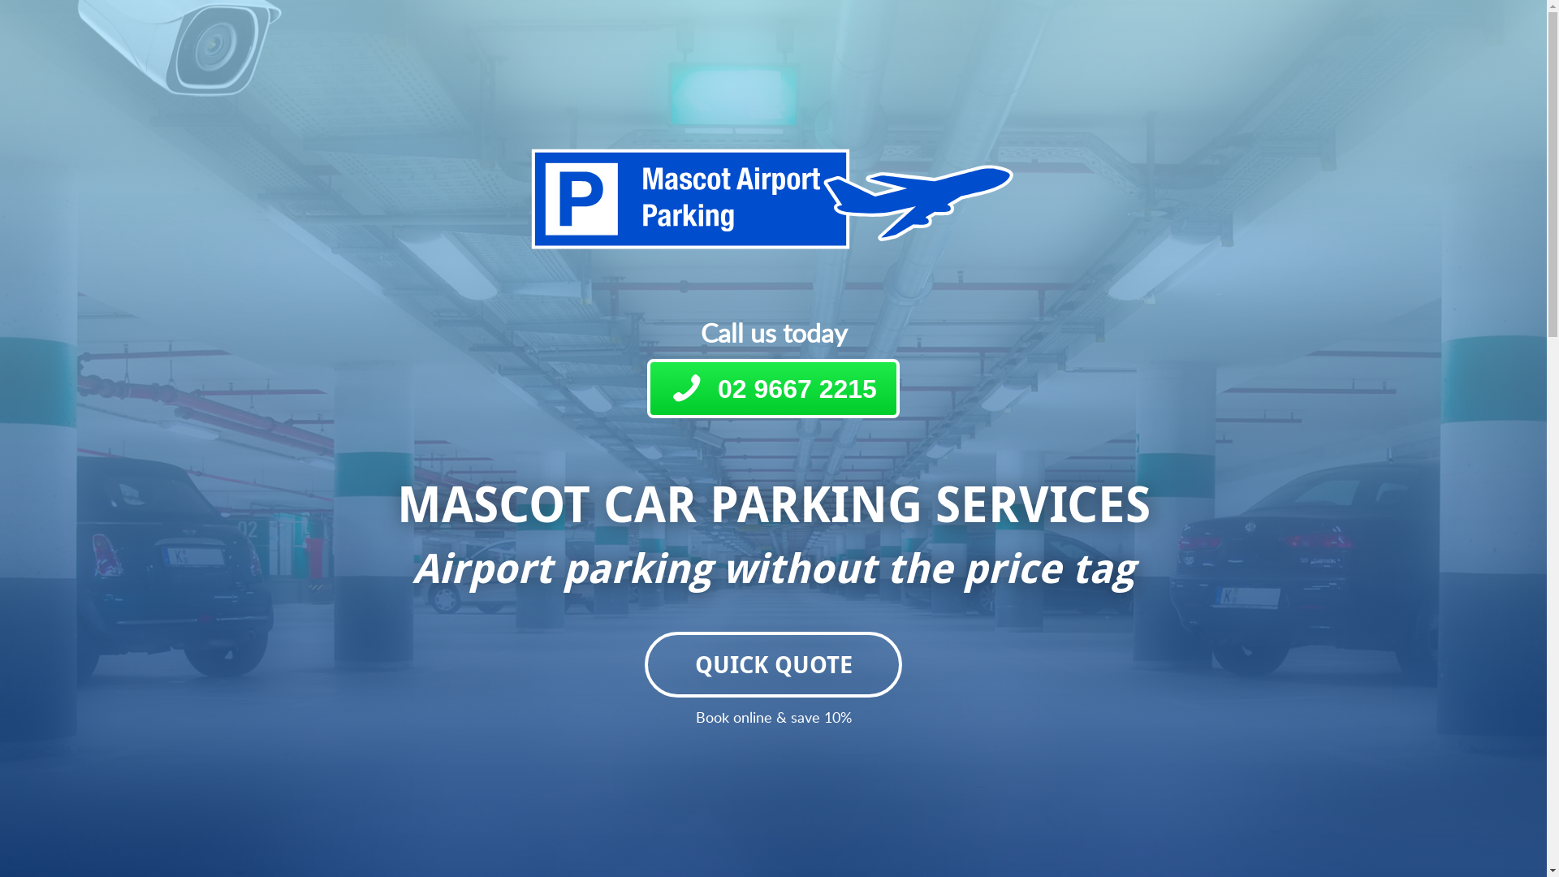 The width and height of the screenshot is (1559, 877). Describe the element at coordinates (772, 664) in the screenshot. I see `'QUICK QUOTE'` at that location.